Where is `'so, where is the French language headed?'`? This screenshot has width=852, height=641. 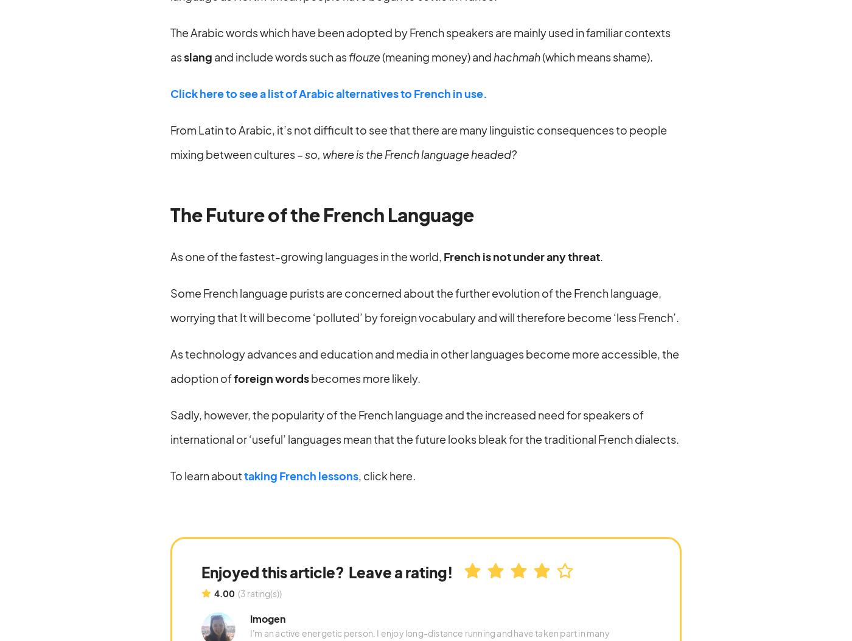
'so, where is the French language headed?' is located at coordinates (410, 153).